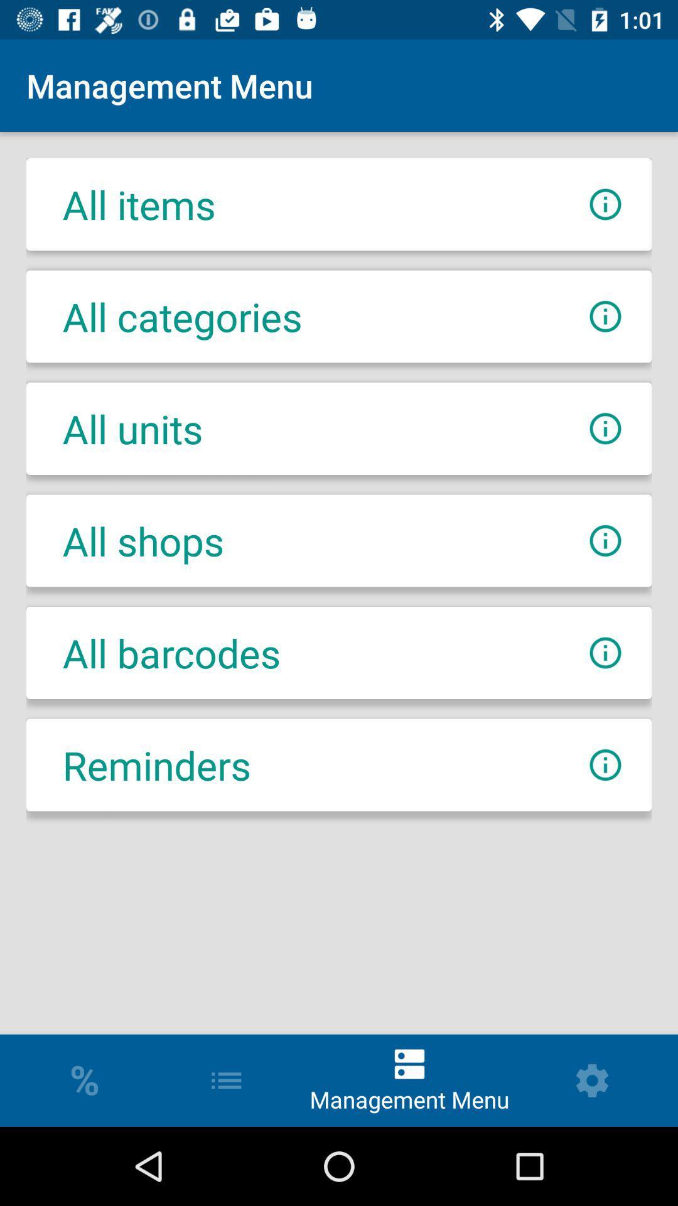 The width and height of the screenshot is (678, 1206). I want to click on more info, so click(605, 204).